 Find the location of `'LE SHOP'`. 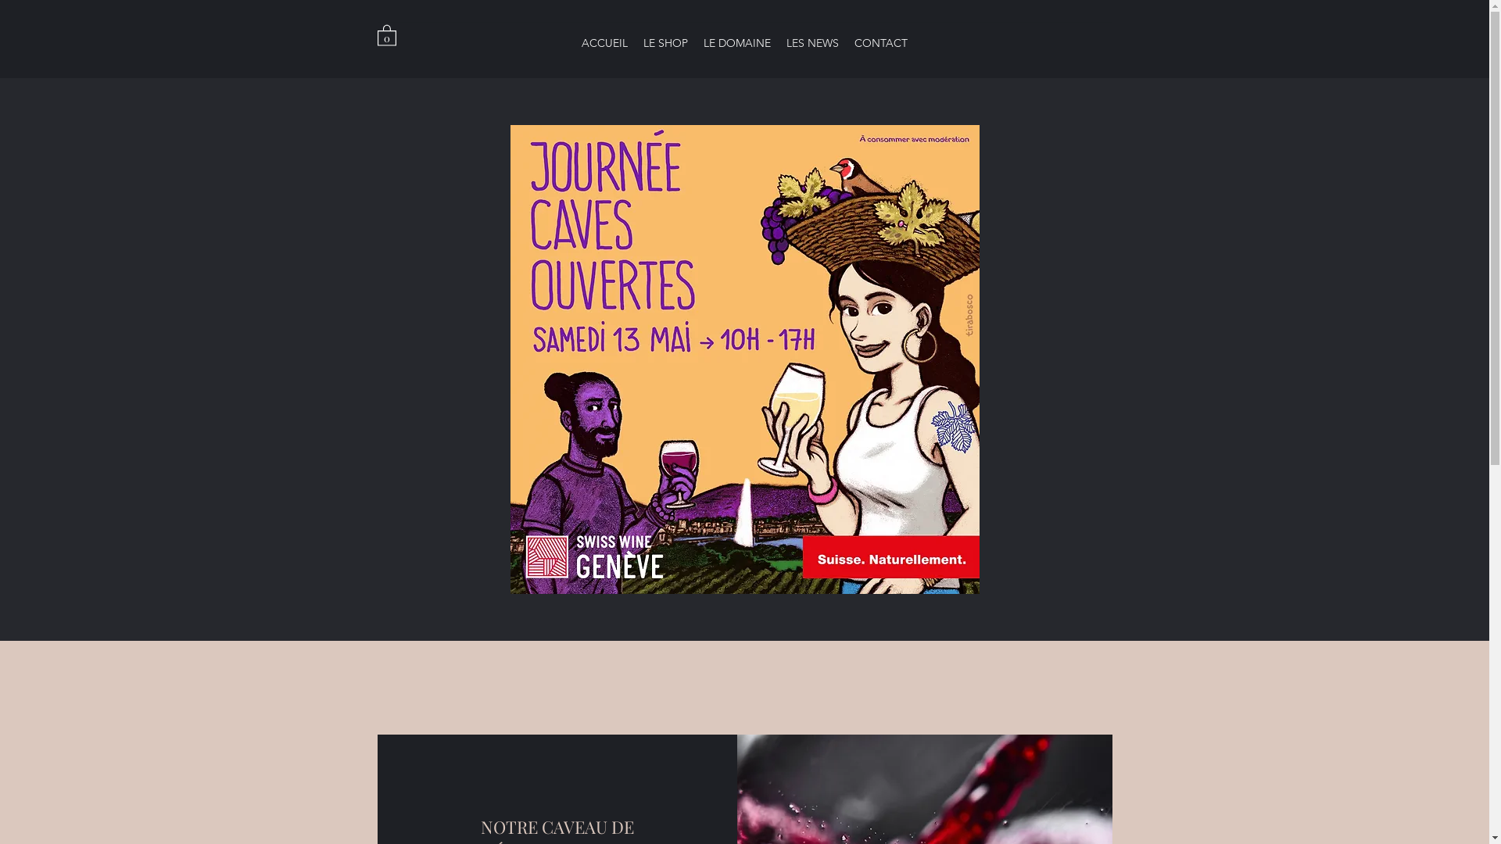

'LE SHOP' is located at coordinates (635, 41).